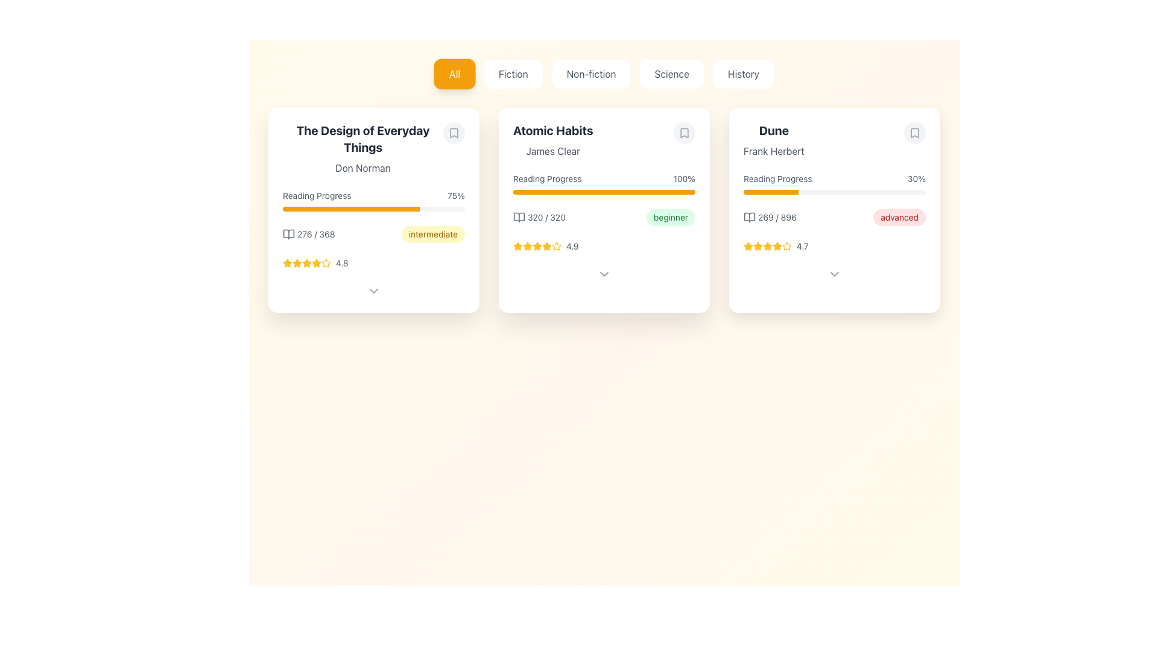  I want to click on the toggle button located at the bottom center of the 'Dune' card by 'Frank Herbert', so click(834, 274).